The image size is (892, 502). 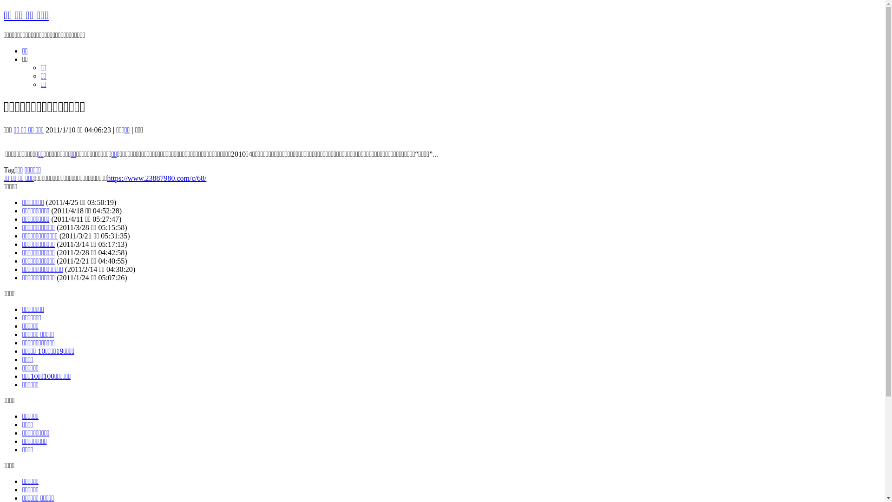 What do you see at coordinates (156, 178) in the screenshot?
I see `'https://www.23887980.com/c/68/'` at bounding box center [156, 178].